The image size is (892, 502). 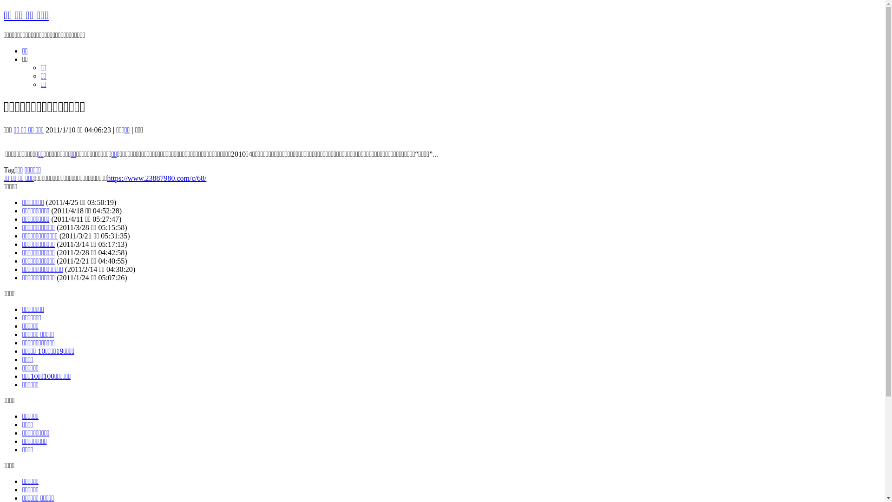 What do you see at coordinates (156, 178) in the screenshot?
I see `'https://www.23887980.com/c/68/'` at bounding box center [156, 178].